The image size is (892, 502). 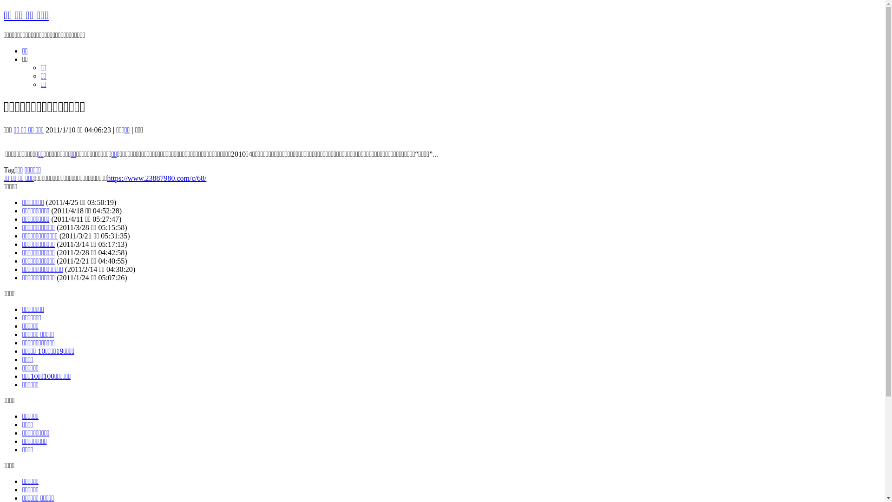 What do you see at coordinates (156, 178) in the screenshot?
I see `'https://www.23887980.com/c/68/'` at bounding box center [156, 178].